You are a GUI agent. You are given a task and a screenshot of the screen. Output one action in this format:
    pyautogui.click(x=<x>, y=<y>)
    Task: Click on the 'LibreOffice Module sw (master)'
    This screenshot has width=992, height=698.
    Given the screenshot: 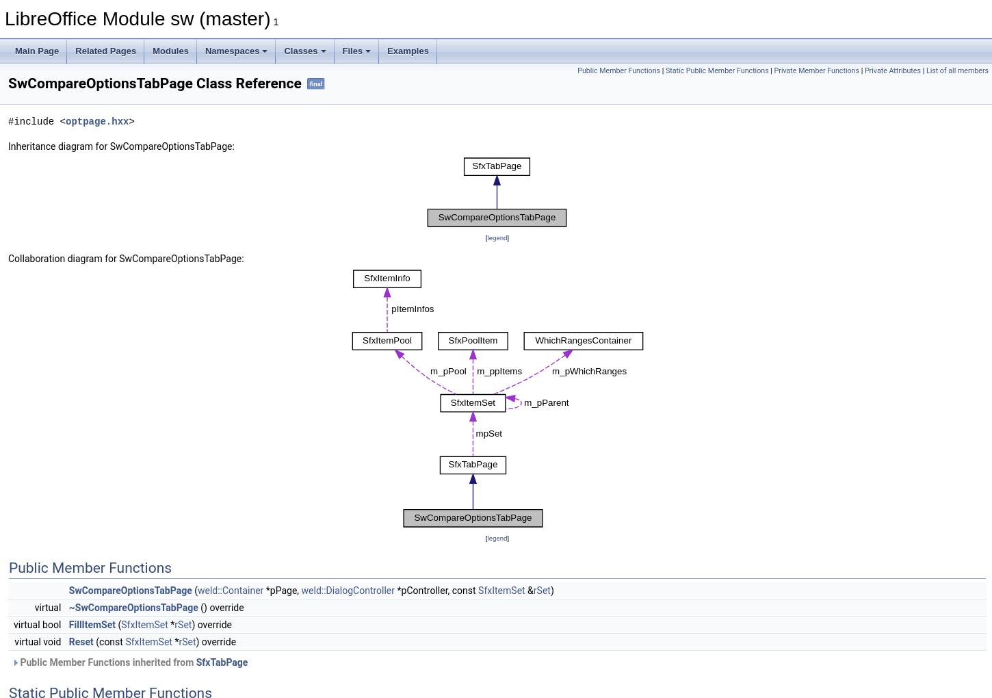 What is the action you would take?
    pyautogui.click(x=136, y=18)
    